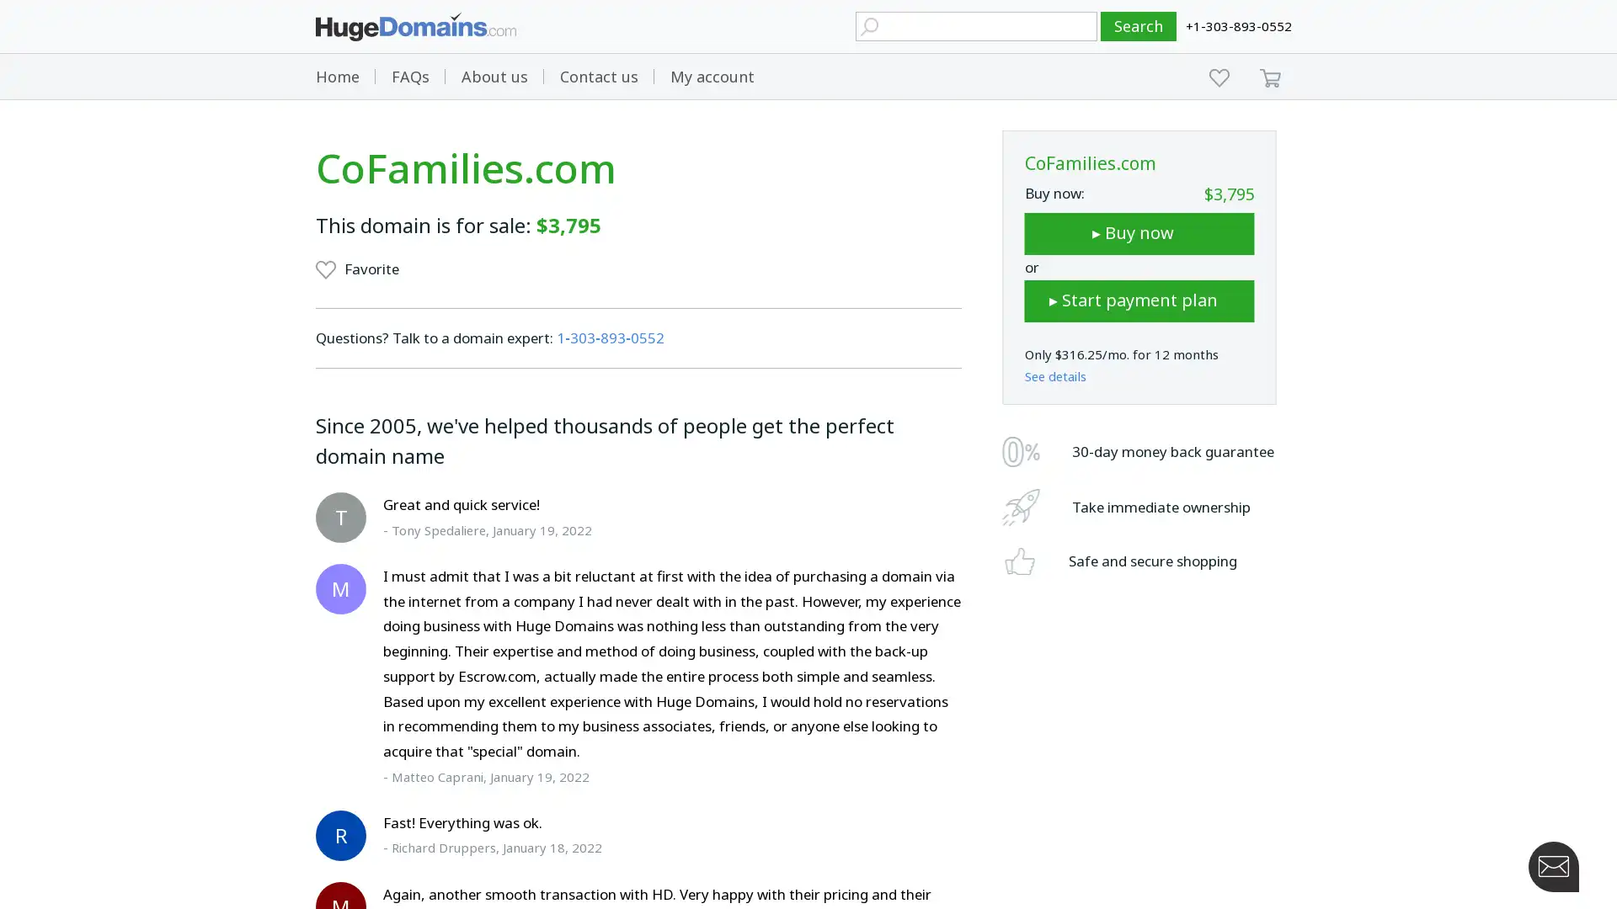 This screenshot has width=1617, height=909. Describe the element at coordinates (1139, 26) in the screenshot. I see `Search` at that location.